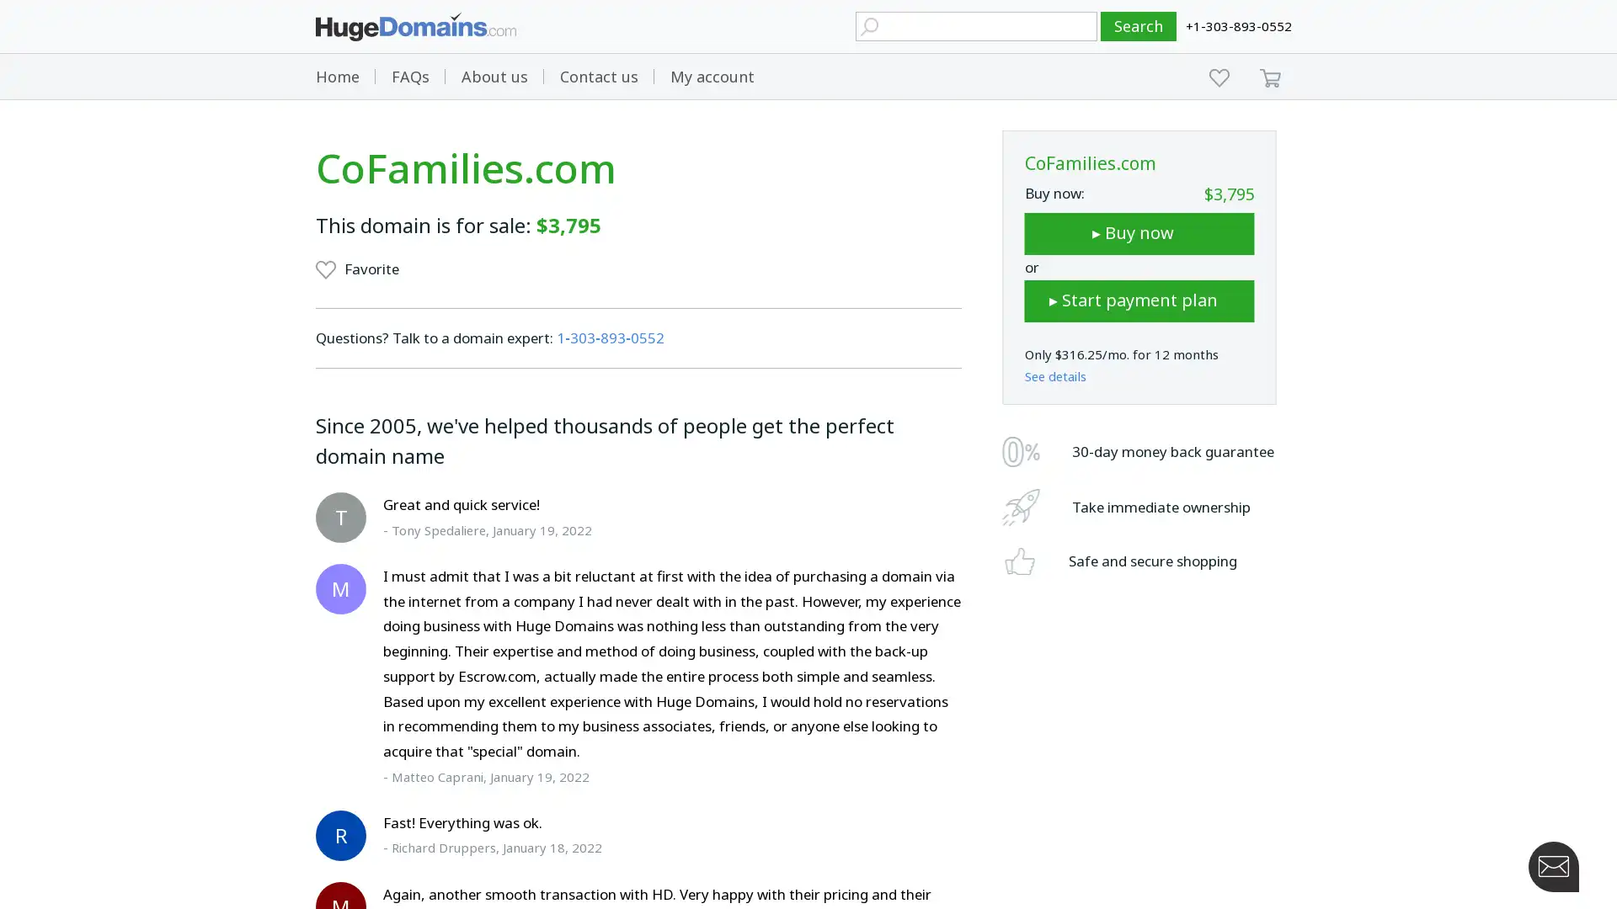 This screenshot has width=1617, height=909. Describe the element at coordinates (1139, 26) in the screenshot. I see `Search` at that location.